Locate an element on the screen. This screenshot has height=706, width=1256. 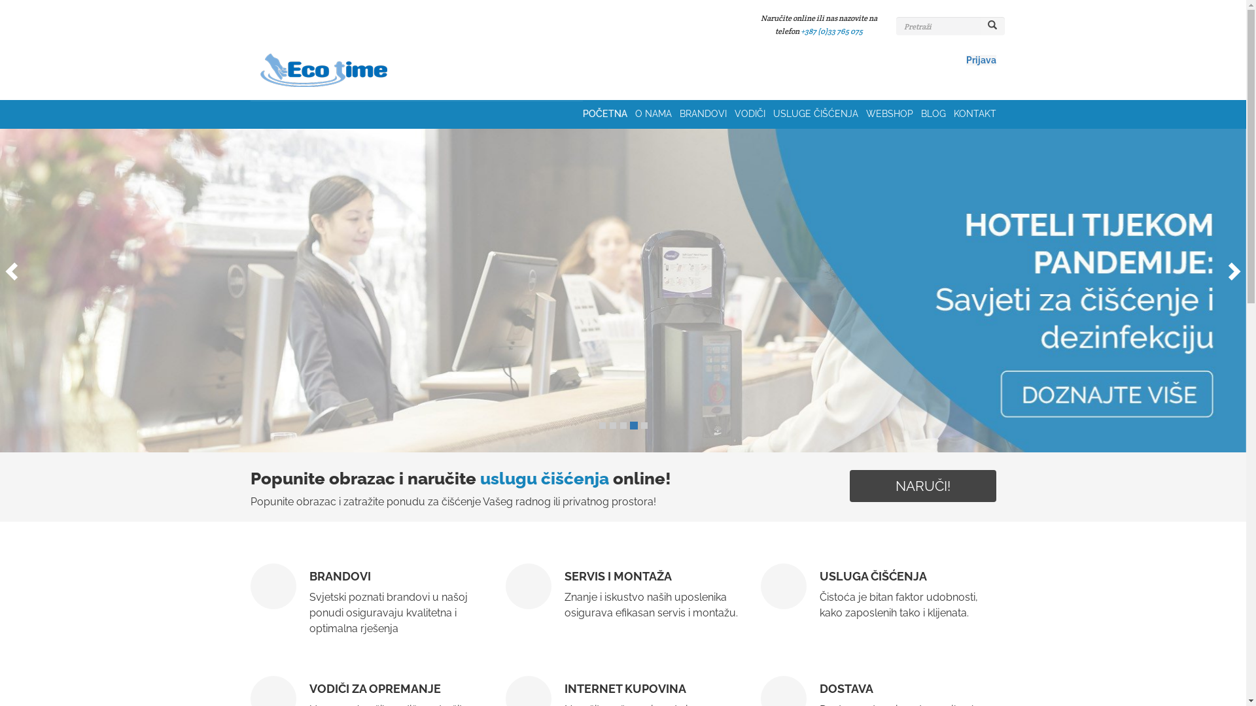
'WEBSHOP' is located at coordinates (893, 113).